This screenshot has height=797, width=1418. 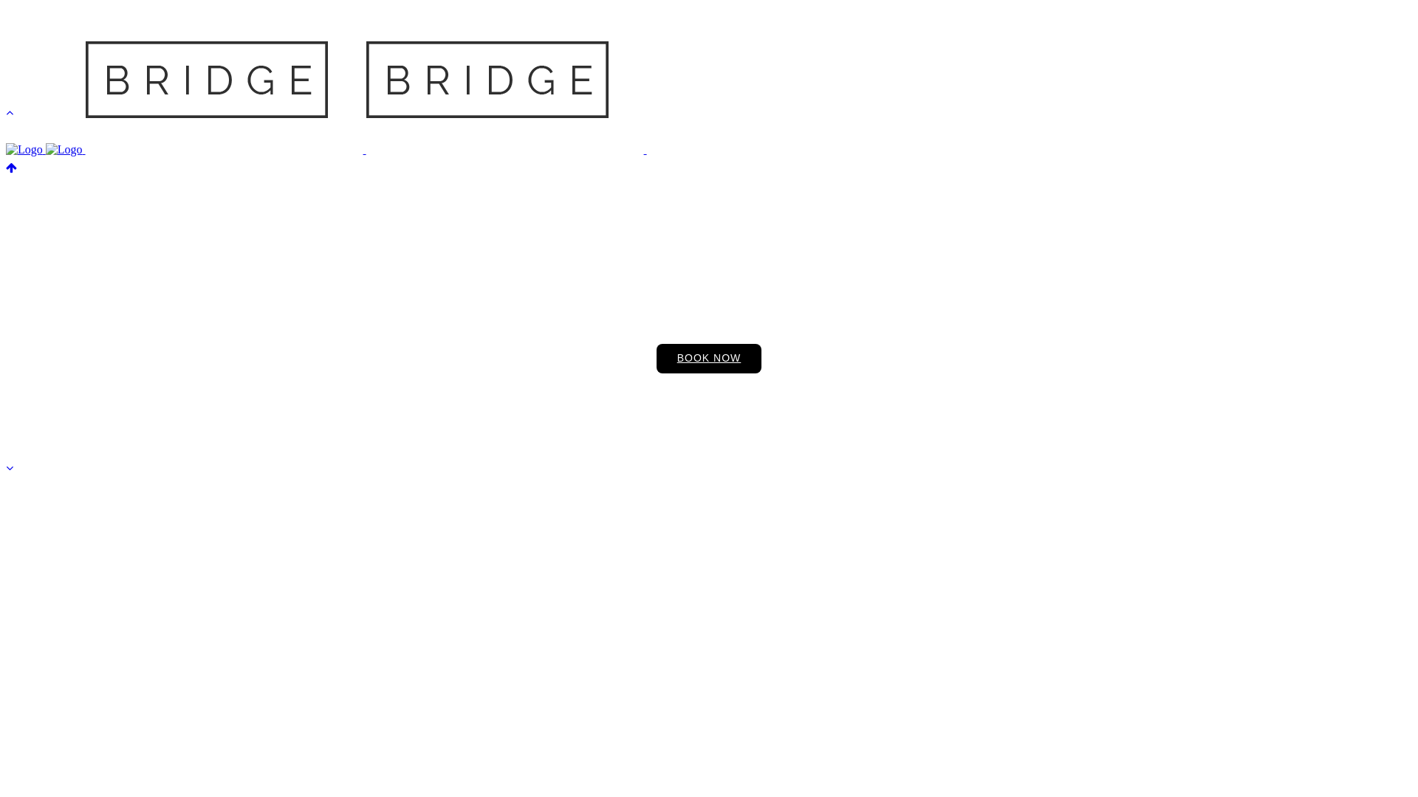 What do you see at coordinates (709, 359) in the screenshot?
I see `'BOOK NOW'` at bounding box center [709, 359].